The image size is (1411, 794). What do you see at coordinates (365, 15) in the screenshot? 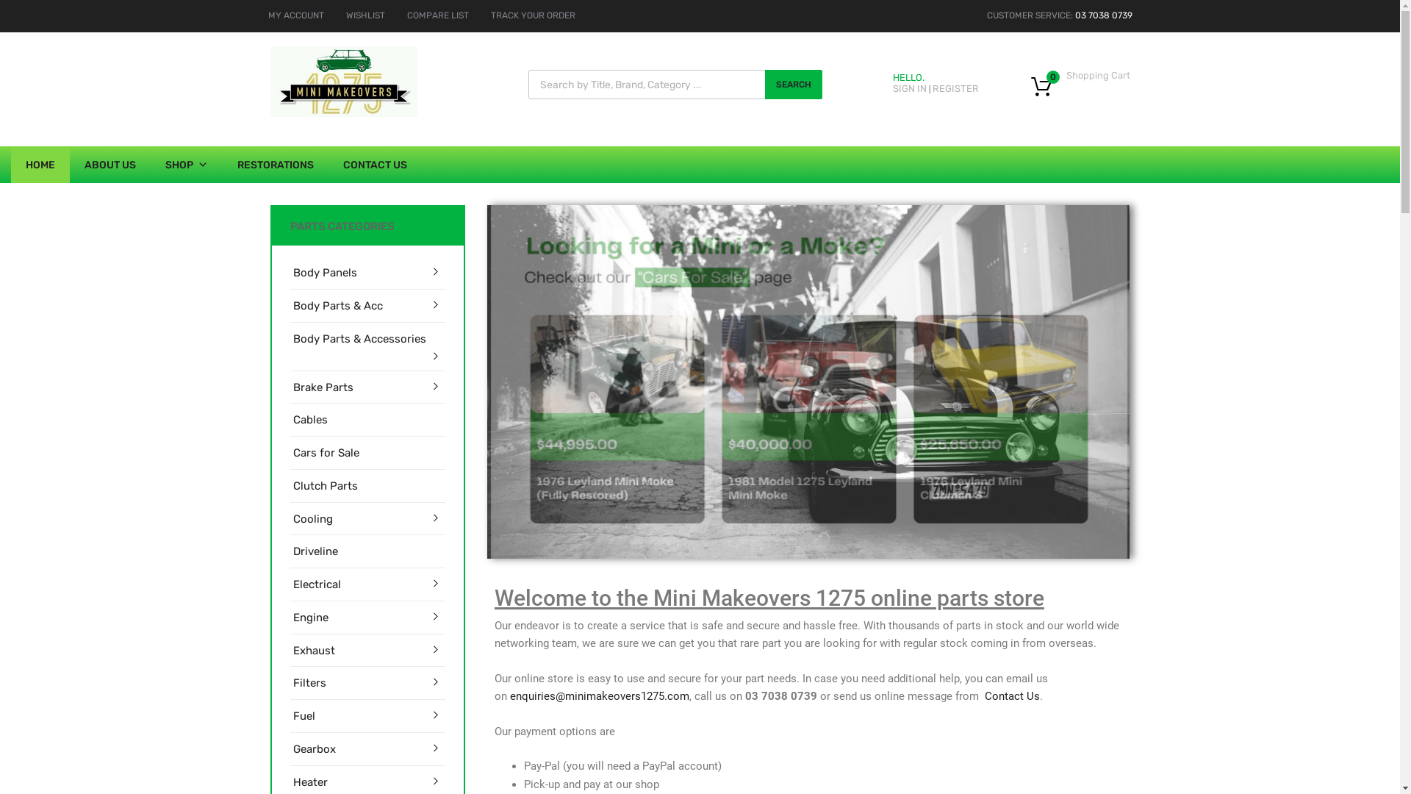
I see `'WISHLIST'` at bounding box center [365, 15].